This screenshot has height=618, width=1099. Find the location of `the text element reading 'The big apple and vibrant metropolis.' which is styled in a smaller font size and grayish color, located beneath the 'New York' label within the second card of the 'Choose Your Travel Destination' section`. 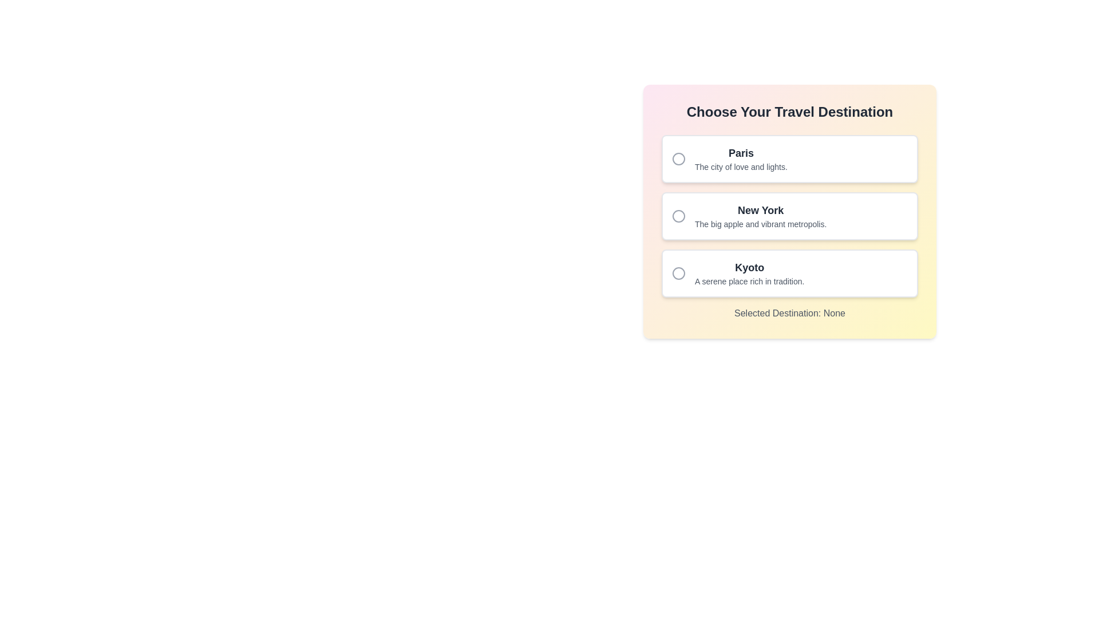

the text element reading 'The big apple and vibrant metropolis.' which is styled in a smaller font size and grayish color, located beneath the 'New York' label within the second card of the 'Choose Your Travel Destination' section is located at coordinates (761, 224).